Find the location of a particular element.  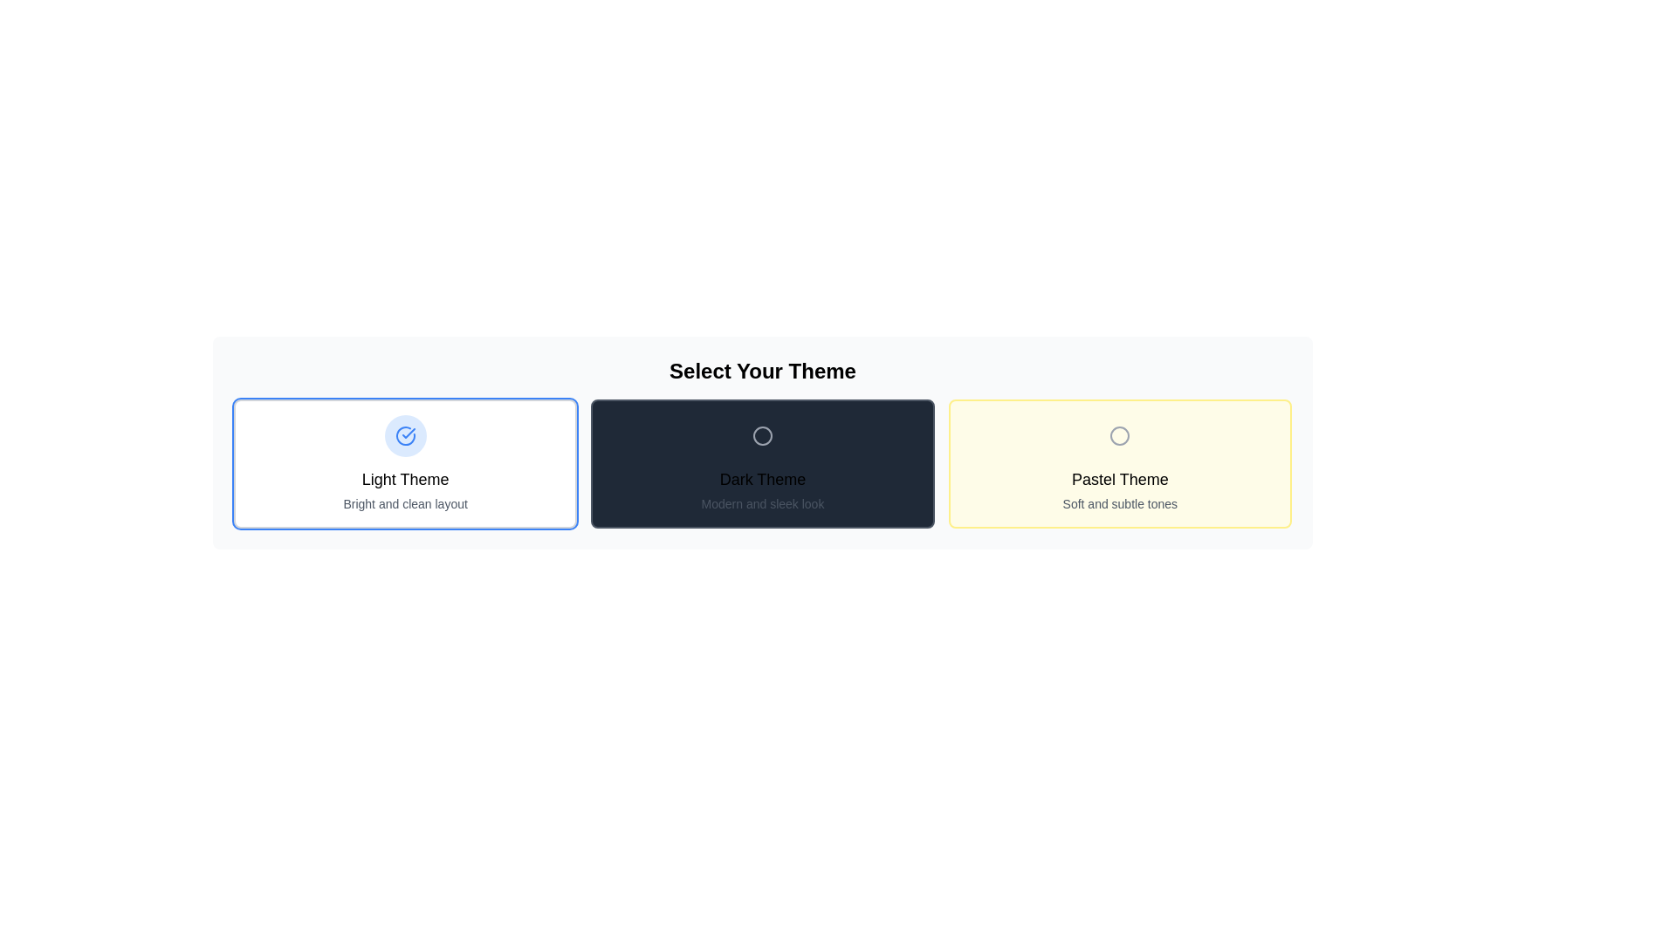

the theme selection icon located in the upper middle portion of the theme selector, above the 'Dark Theme' text is located at coordinates (762, 435).